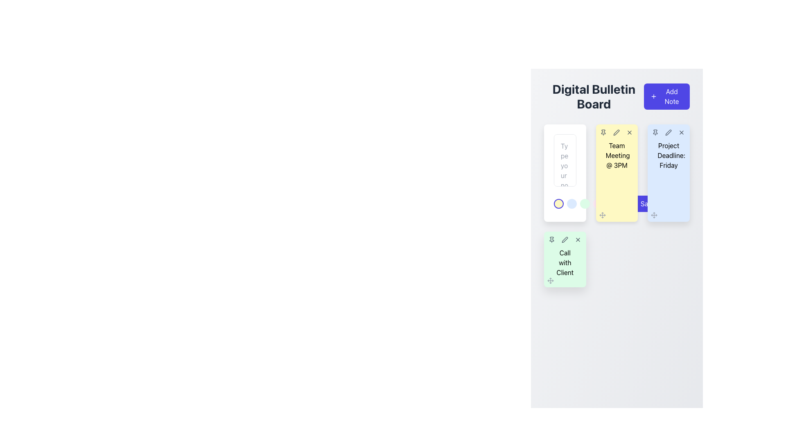 Image resolution: width=786 pixels, height=442 pixels. I want to click on the action icon for editing the note titled 'Project Deadline: Friday' located at the top right corner of the note, immediately to the left of the close (X) button, so click(668, 132).